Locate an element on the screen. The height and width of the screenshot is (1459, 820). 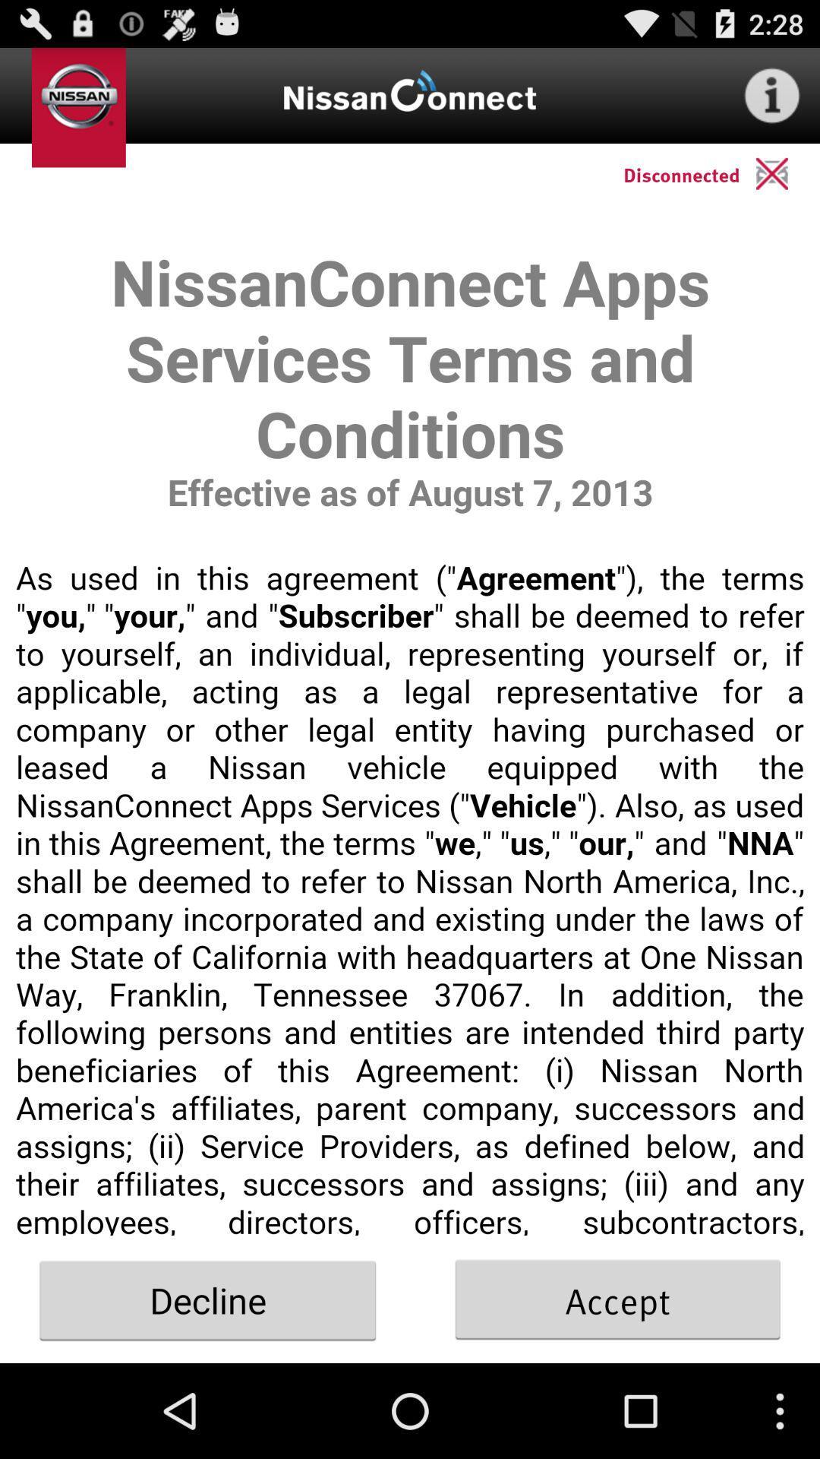
close is located at coordinates (787, 173).